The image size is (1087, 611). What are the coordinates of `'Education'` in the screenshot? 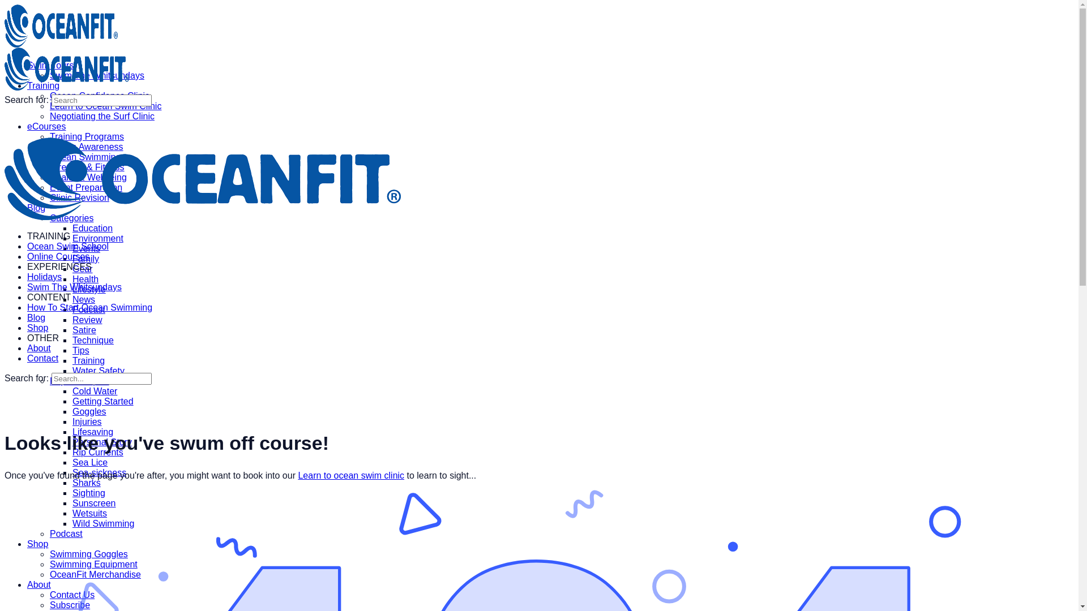 It's located at (72, 228).